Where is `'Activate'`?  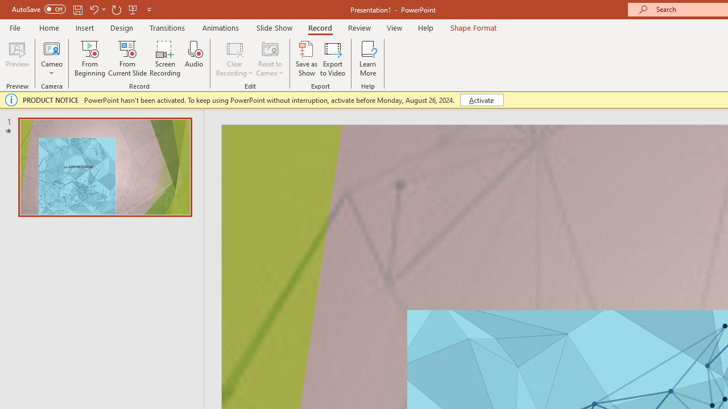
'Activate' is located at coordinates (482, 99).